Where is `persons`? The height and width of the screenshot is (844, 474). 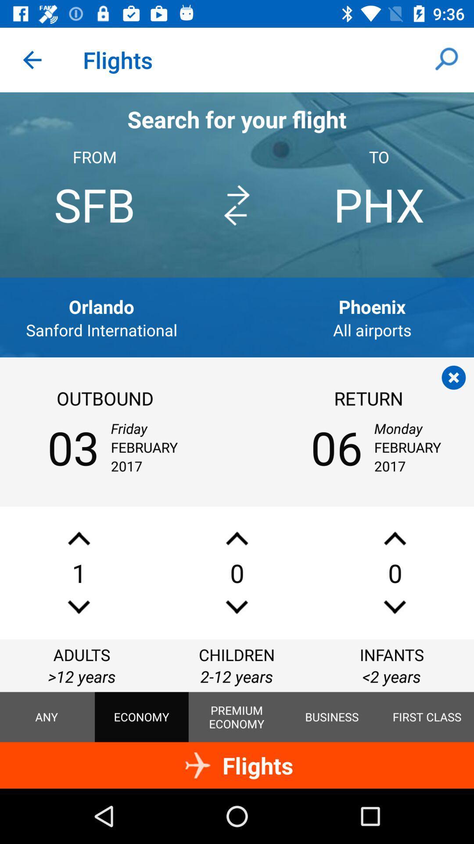
persons is located at coordinates (237, 607).